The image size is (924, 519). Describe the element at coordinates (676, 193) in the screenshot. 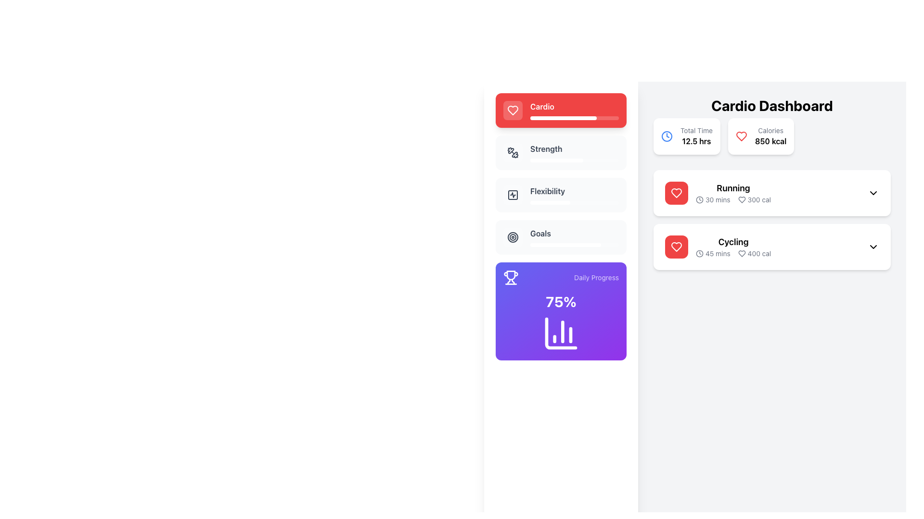

I see `the heart-shaped icon outlined in red located in the 'Cardio' section of the sidebar menu to the left of the text 'Cardio'` at that location.